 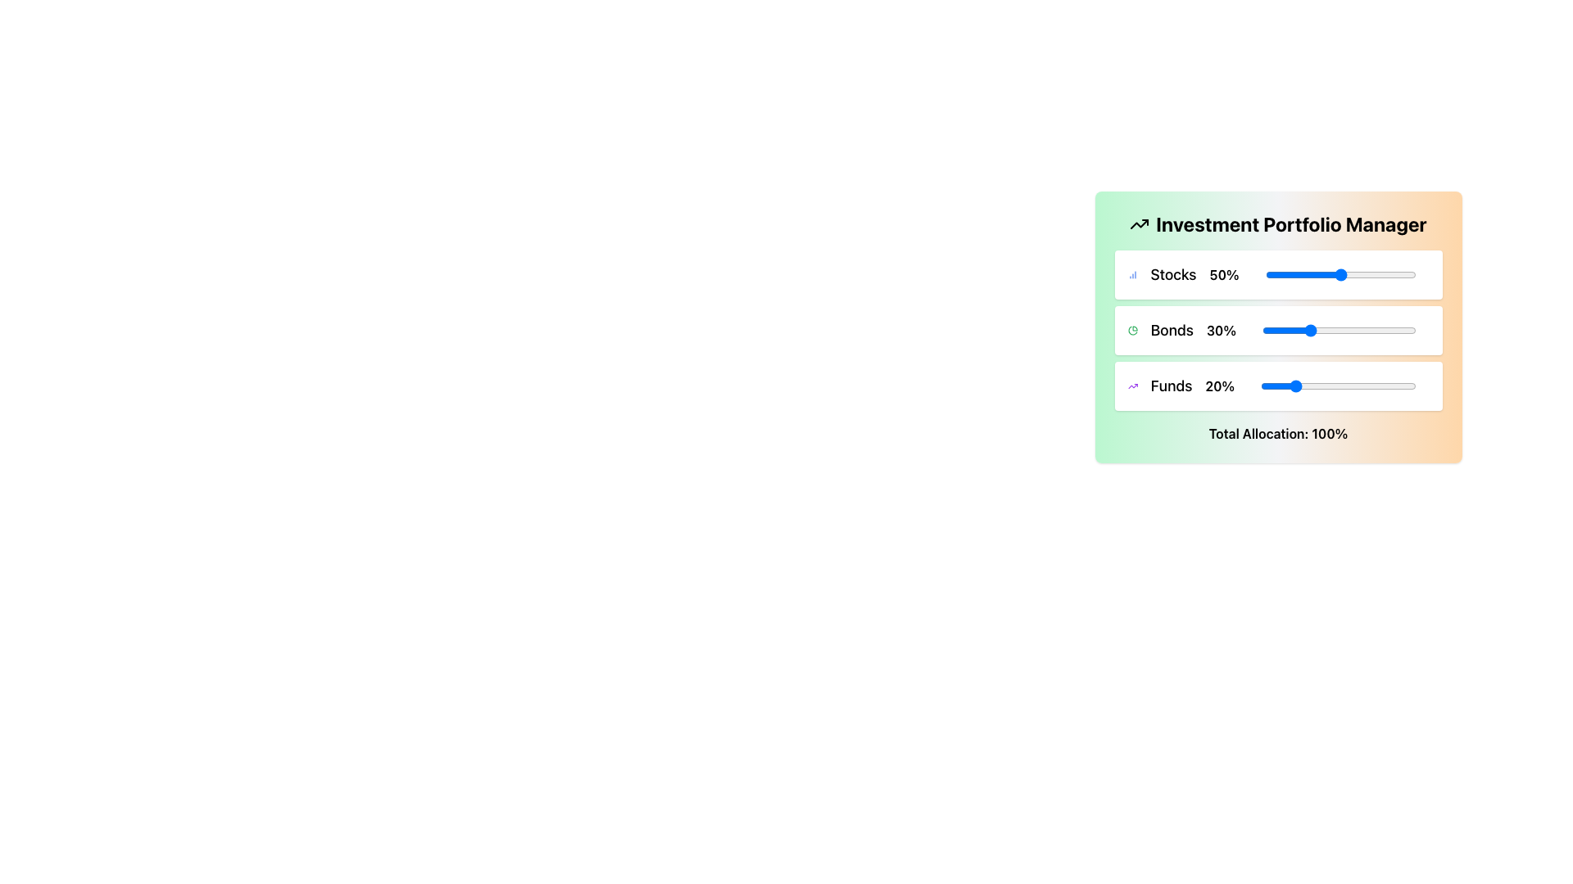 What do you see at coordinates (1338, 386) in the screenshot?
I see `the handle of the horizontal range slider located in the 'Funds 20%' row of the 'Investment Portfolio Manager'` at bounding box center [1338, 386].